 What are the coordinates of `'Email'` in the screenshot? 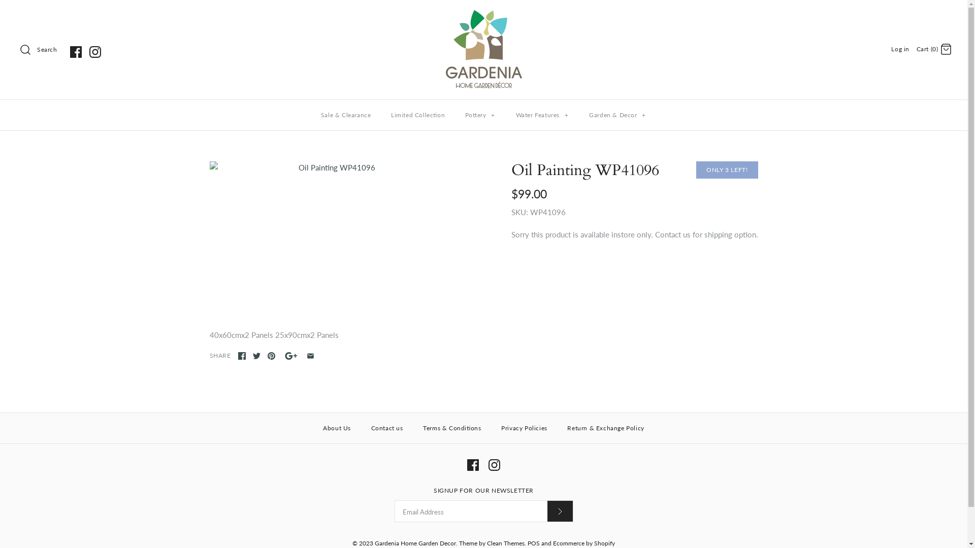 It's located at (310, 355).